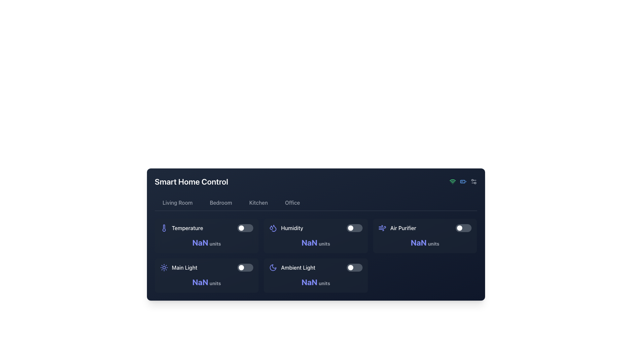 Image resolution: width=634 pixels, height=356 pixels. I want to click on the 'Kitchen' text label, which is the third item in a horizontally aligned list of text labels, so click(258, 202).